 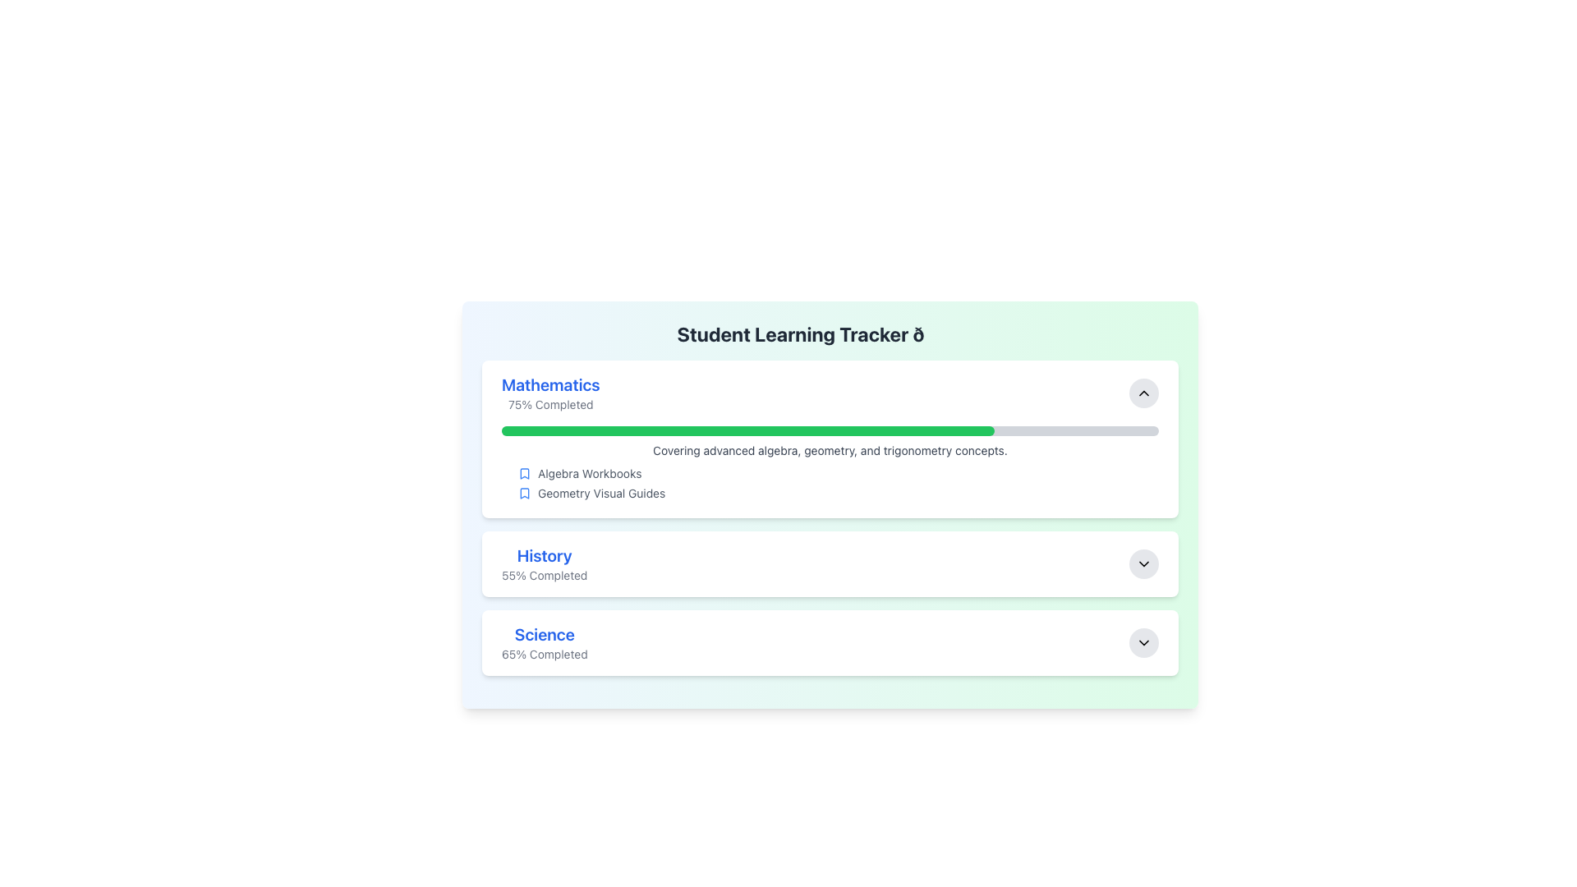 What do you see at coordinates (550, 405) in the screenshot?
I see `the progress percentage Text Label for the subject 'Mathematics', which is located below the title 'Mathematics' and above other related content elements` at bounding box center [550, 405].